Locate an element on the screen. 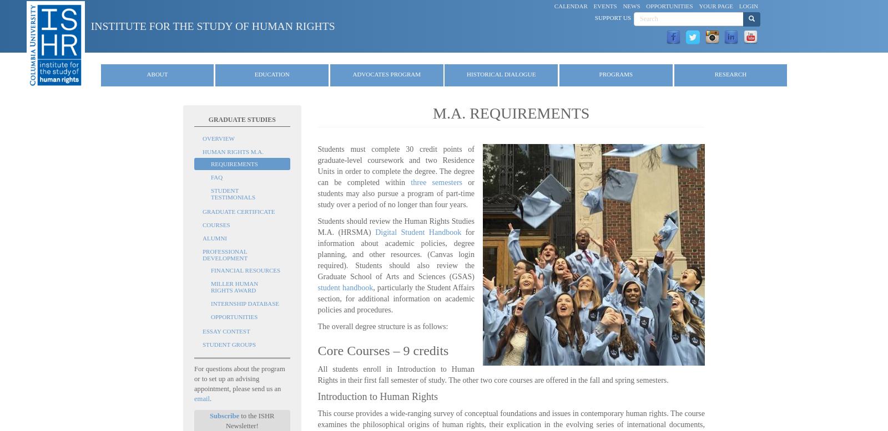 This screenshot has height=431, width=888. 'Institute for the Study of Human Rights' is located at coordinates (213, 25).